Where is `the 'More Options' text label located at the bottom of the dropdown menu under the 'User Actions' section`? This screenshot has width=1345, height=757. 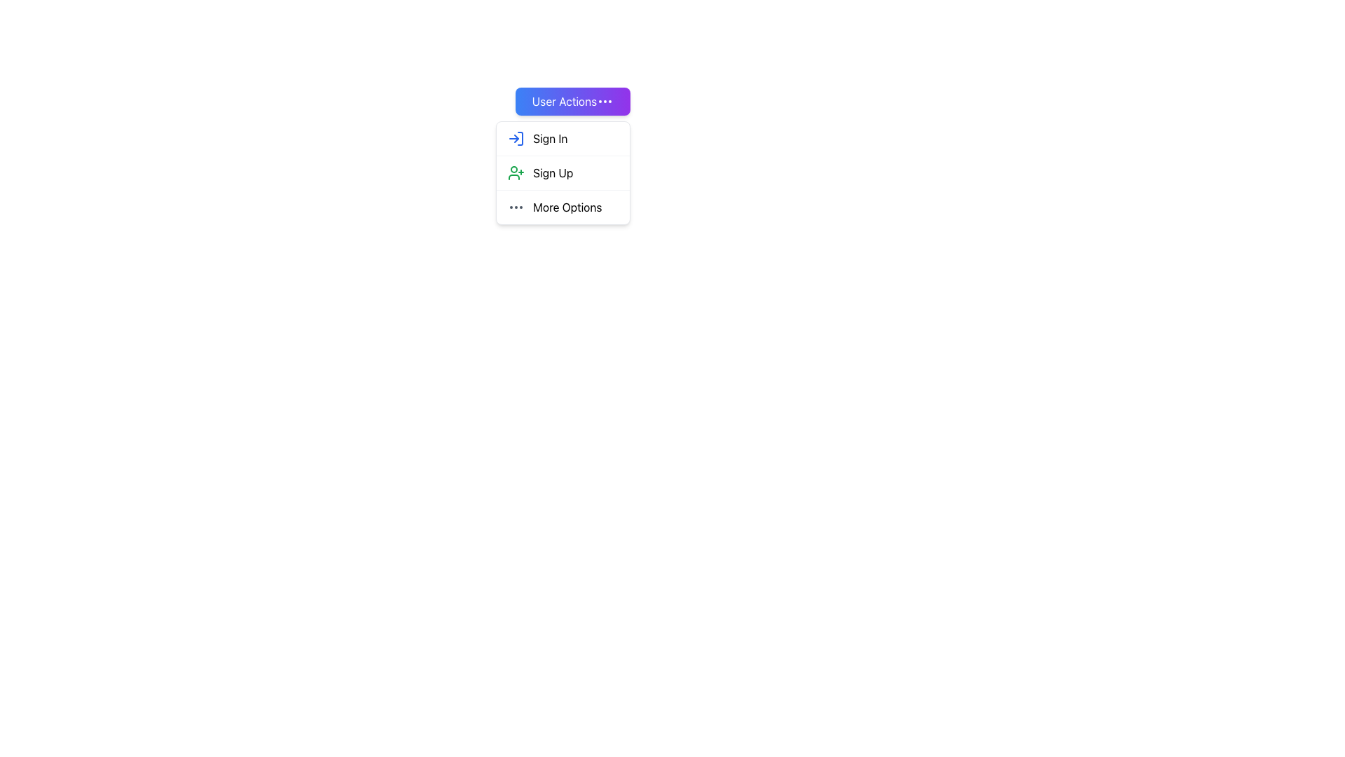
the 'More Options' text label located at the bottom of the dropdown menu under the 'User Actions' section is located at coordinates (567, 207).